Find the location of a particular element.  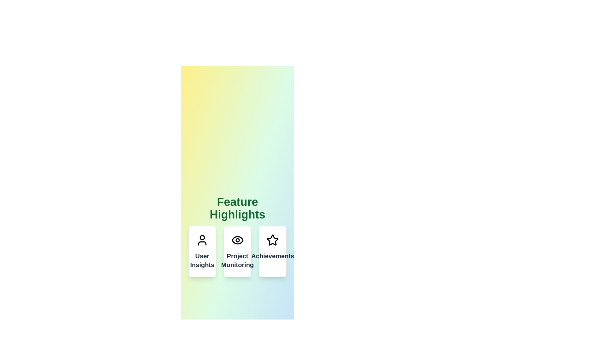

the star-shaped icon with a hollow center located at the top of the 'Achievements' card, which is part of the 'Feature Highlights' section is located at coordinates (273, 240).